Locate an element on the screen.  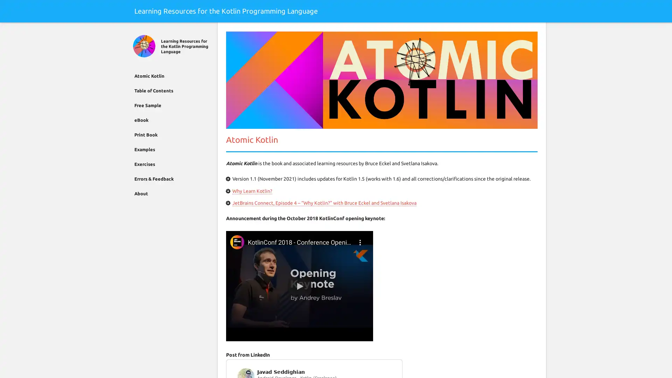
Close is located at coordinates (137, 30).